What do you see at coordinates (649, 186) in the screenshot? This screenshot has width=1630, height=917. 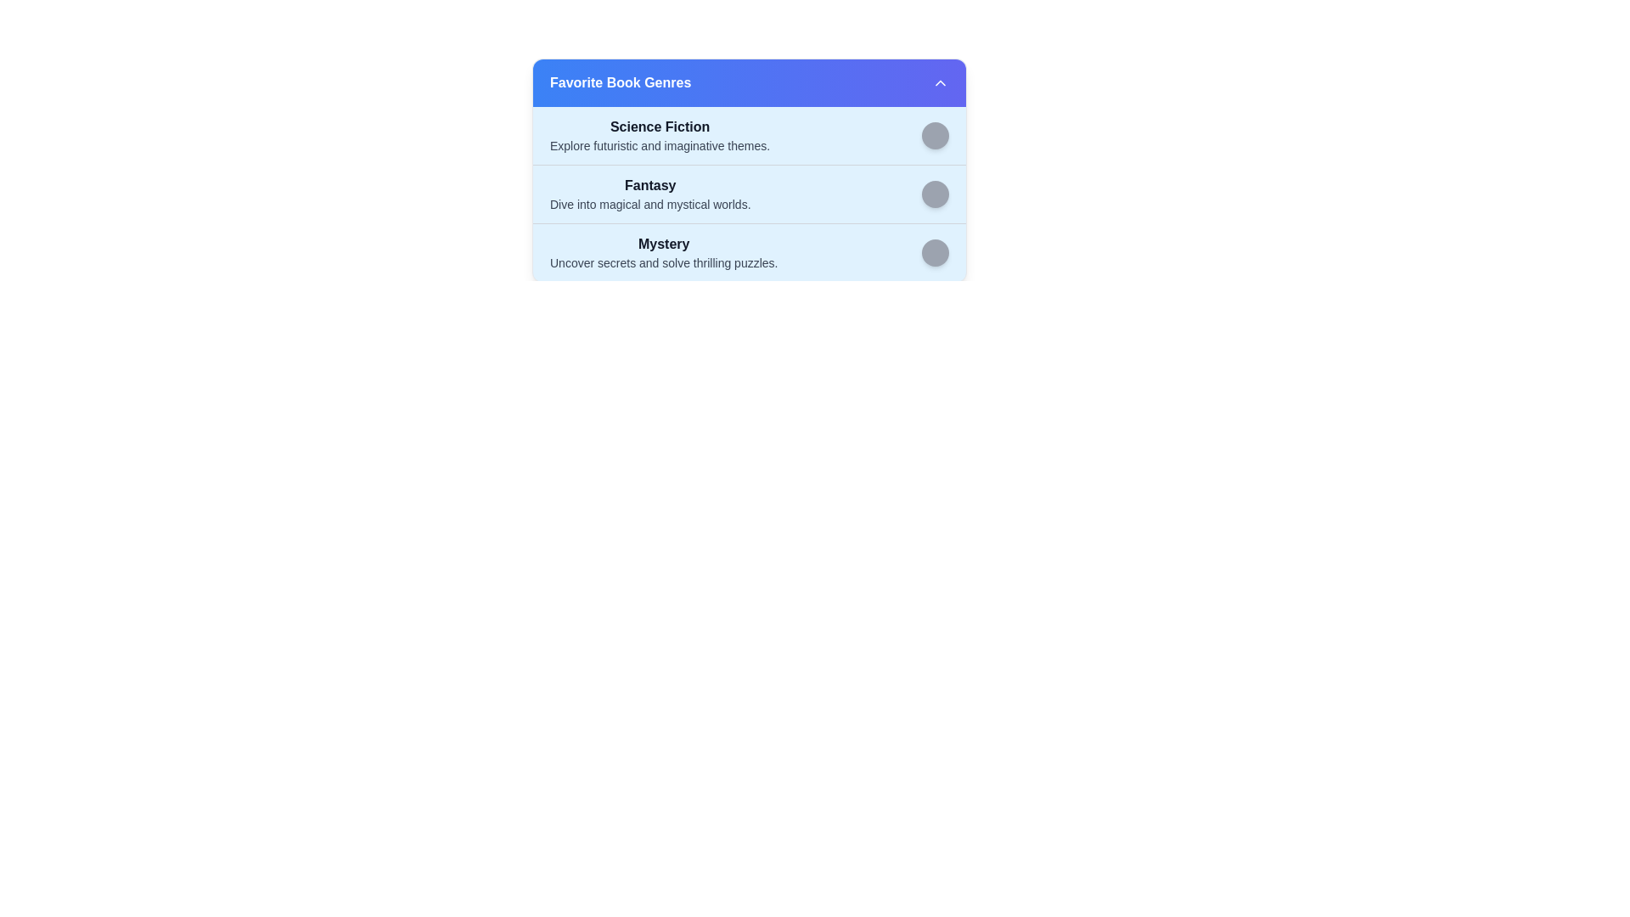 I see `text label identifying the genre category 'Fantasy', which is the second item in a vertical list and is positioned above a descriptive subtitle` at bounding box center [649, 186].